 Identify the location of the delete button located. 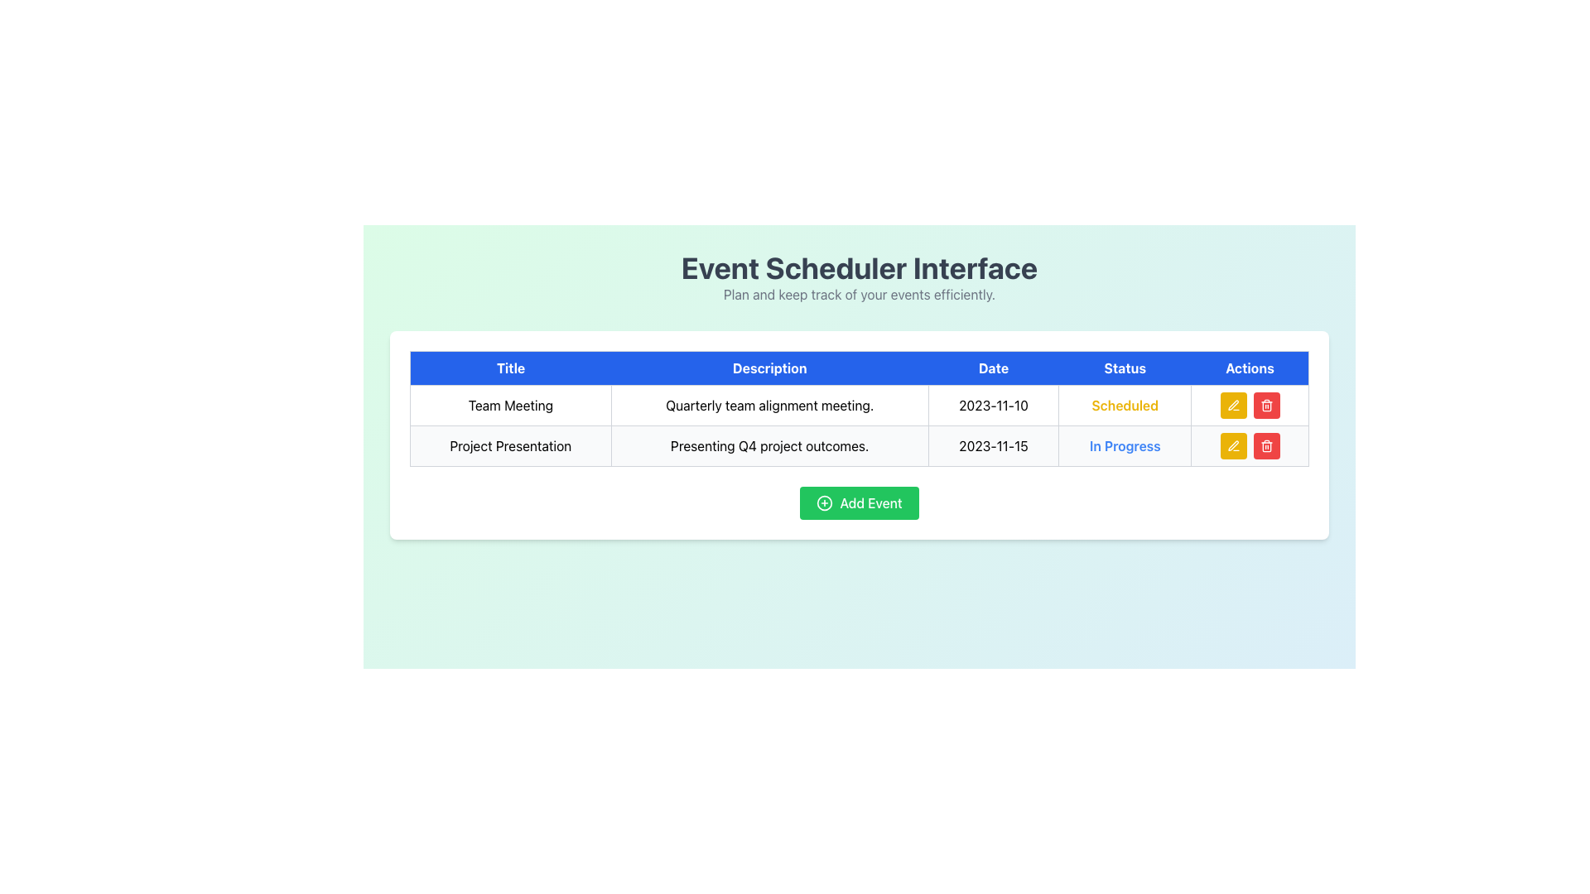
(1265, 445).